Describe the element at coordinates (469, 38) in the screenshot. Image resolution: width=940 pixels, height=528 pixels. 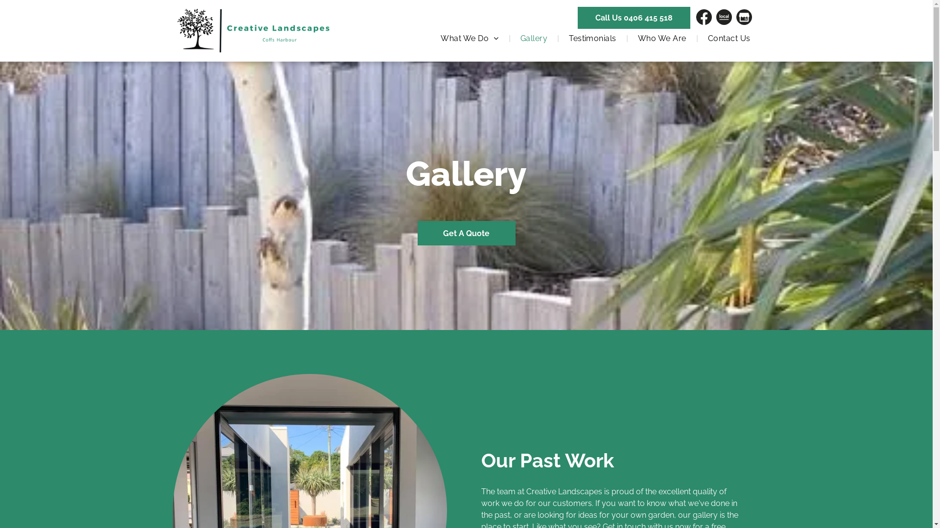
I see `'What We Do'` at that location.